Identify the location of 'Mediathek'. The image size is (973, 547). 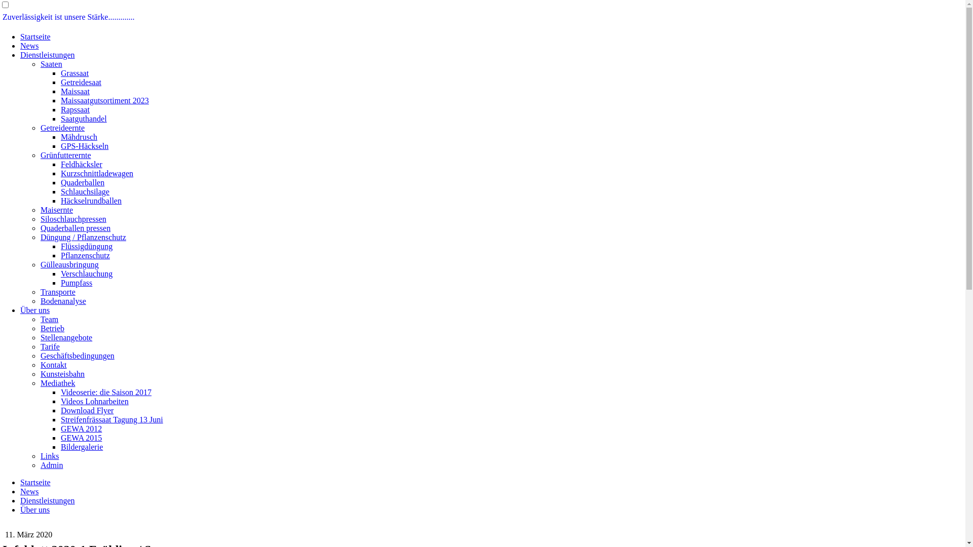
(57, 383).